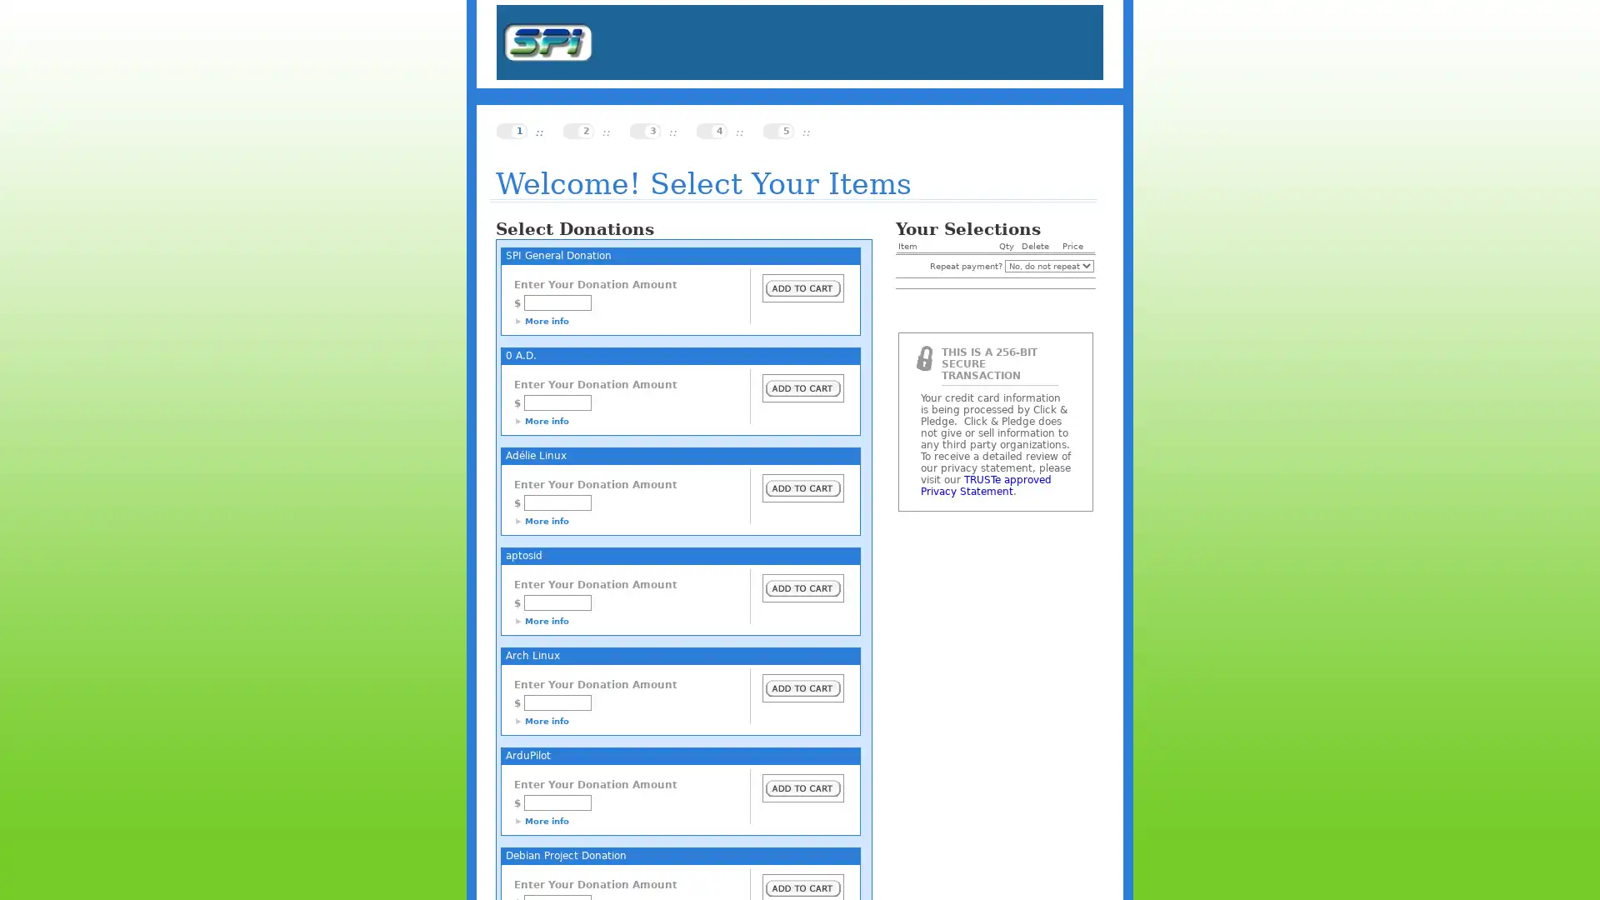 This screenshot has height=900, width=1600. What do you see at coordinates (803, 587) in the screenshot?
I see `Submit` at bounding box center [803, 587].